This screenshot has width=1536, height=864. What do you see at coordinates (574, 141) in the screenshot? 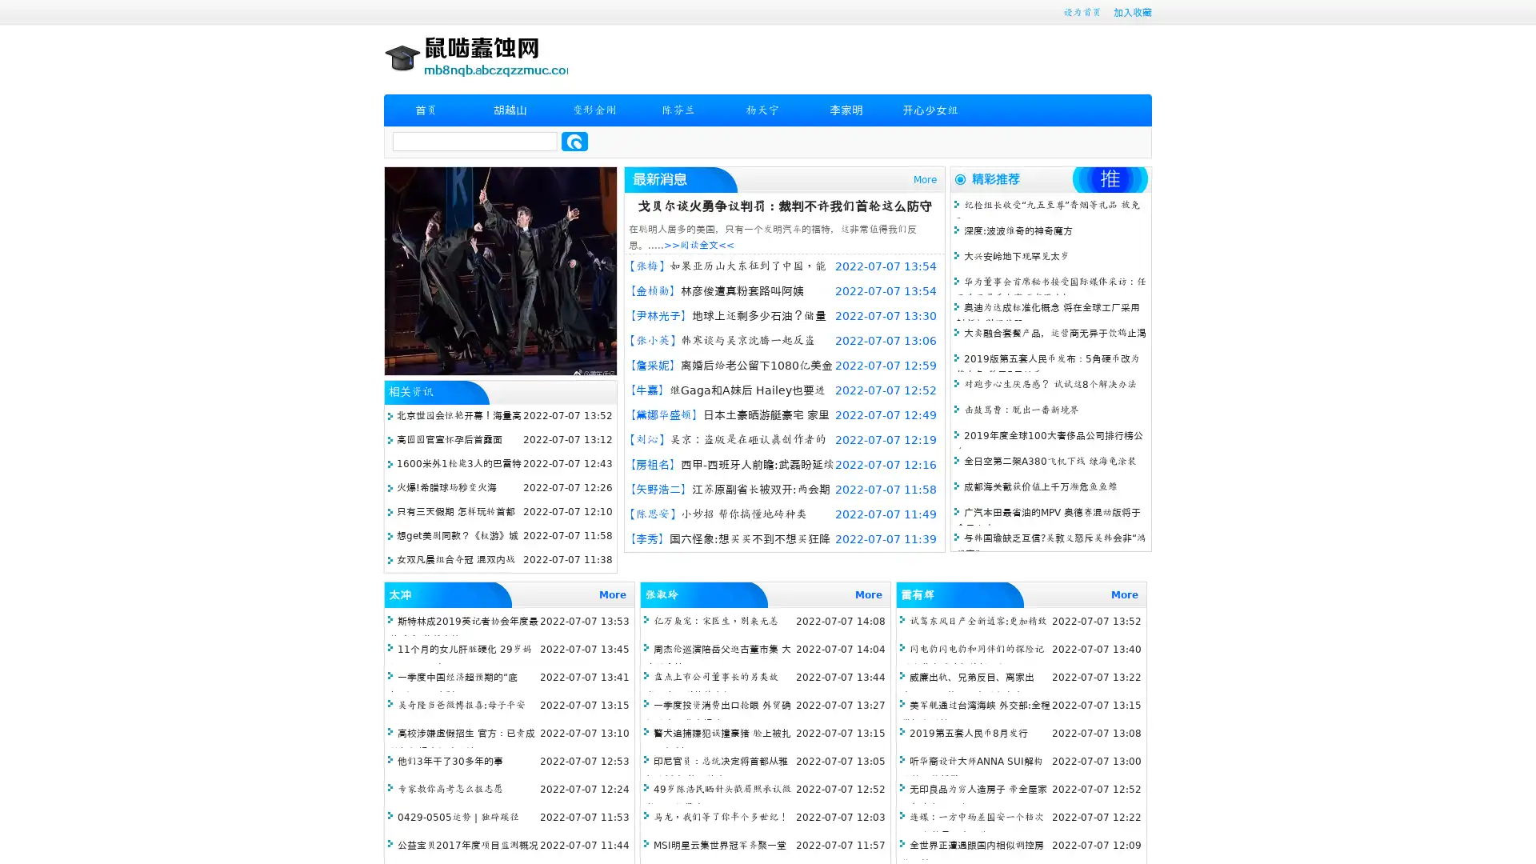
I see `Search` at bounding box center [574, 141].